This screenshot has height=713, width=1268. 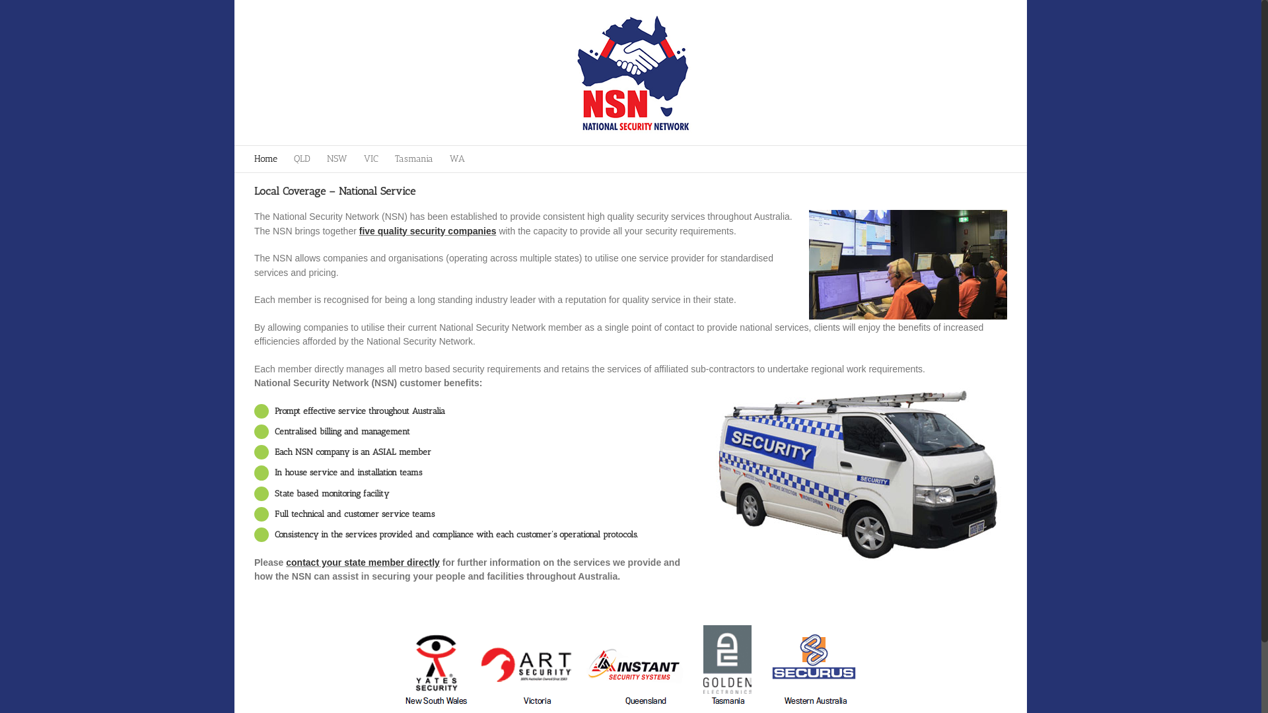 I want to click on 'QLD', so click(x=301, y=158).